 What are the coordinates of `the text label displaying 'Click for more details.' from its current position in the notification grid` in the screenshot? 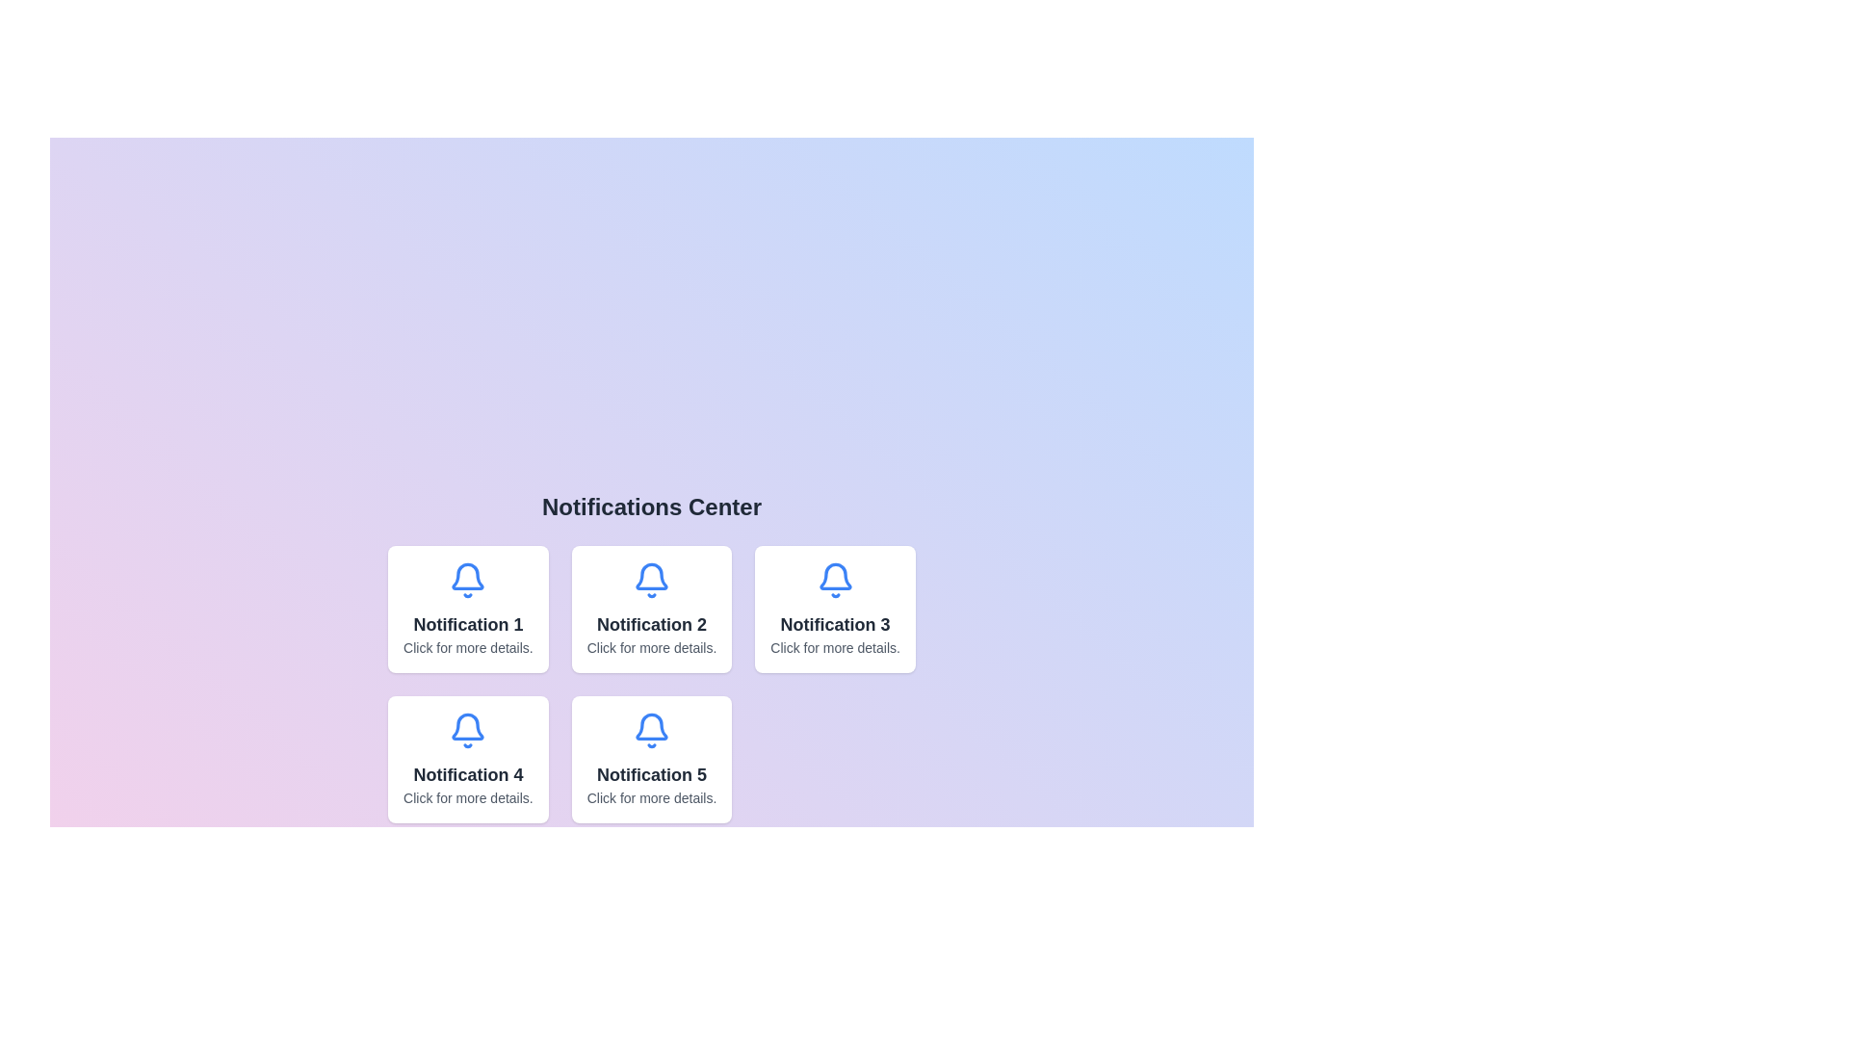 It's located at (468, 798).